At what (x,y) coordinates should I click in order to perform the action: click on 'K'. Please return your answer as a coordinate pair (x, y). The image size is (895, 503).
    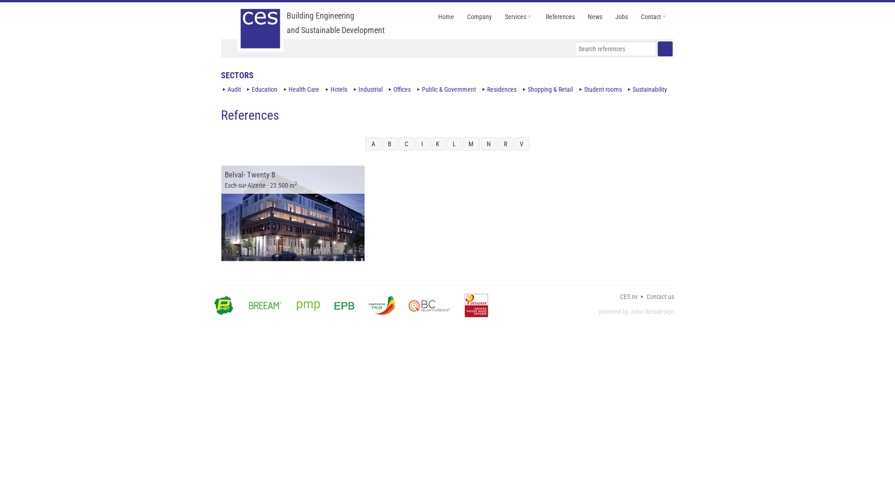
    Looking at the image, I should click on (437, 144).